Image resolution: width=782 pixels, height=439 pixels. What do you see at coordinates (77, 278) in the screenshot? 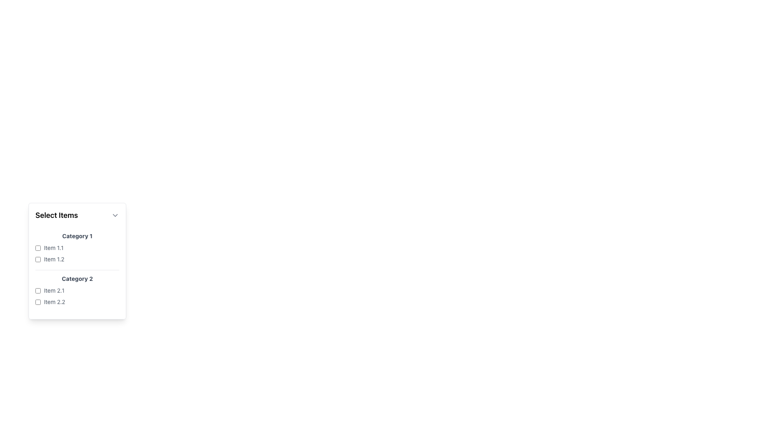
I see `the text label 'Category 2', which is a bold gray header positioned below 'Category 1' in the dropdown list` at bounding box center [77, 278].